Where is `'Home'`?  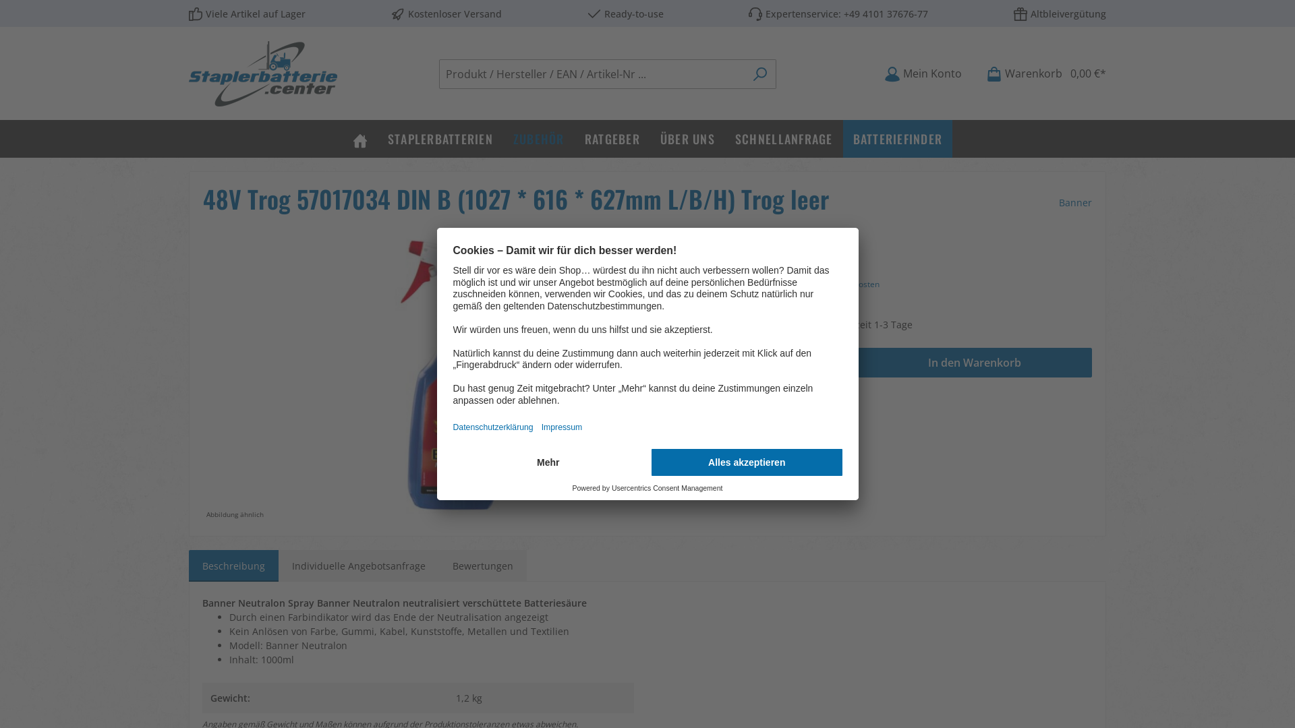
'Home' is located at coordinates (359, 138).